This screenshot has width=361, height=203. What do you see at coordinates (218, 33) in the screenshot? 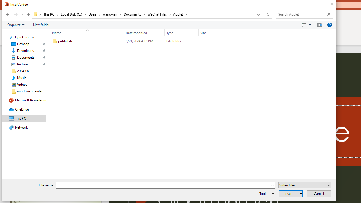
I see `'Filter dropdown'` at bounding box center [218, 33].